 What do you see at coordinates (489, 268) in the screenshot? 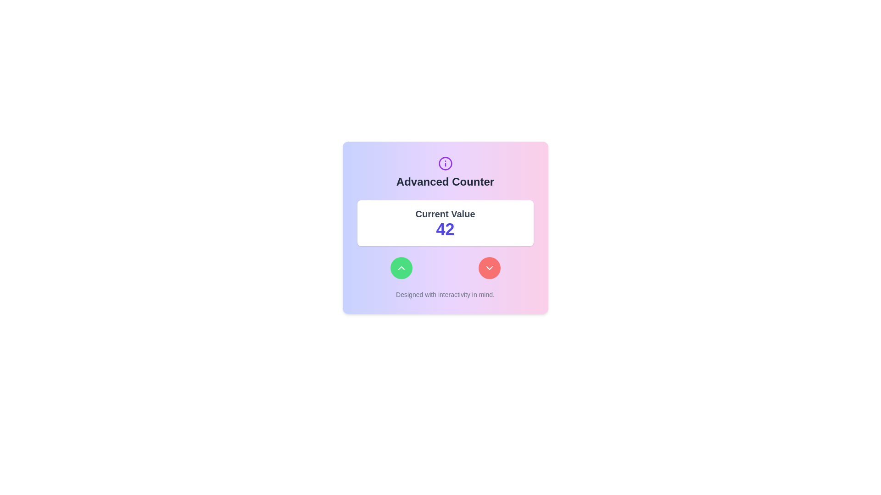
I see `the red circular button that signifies a decrease` at bounding box center [489, 268].